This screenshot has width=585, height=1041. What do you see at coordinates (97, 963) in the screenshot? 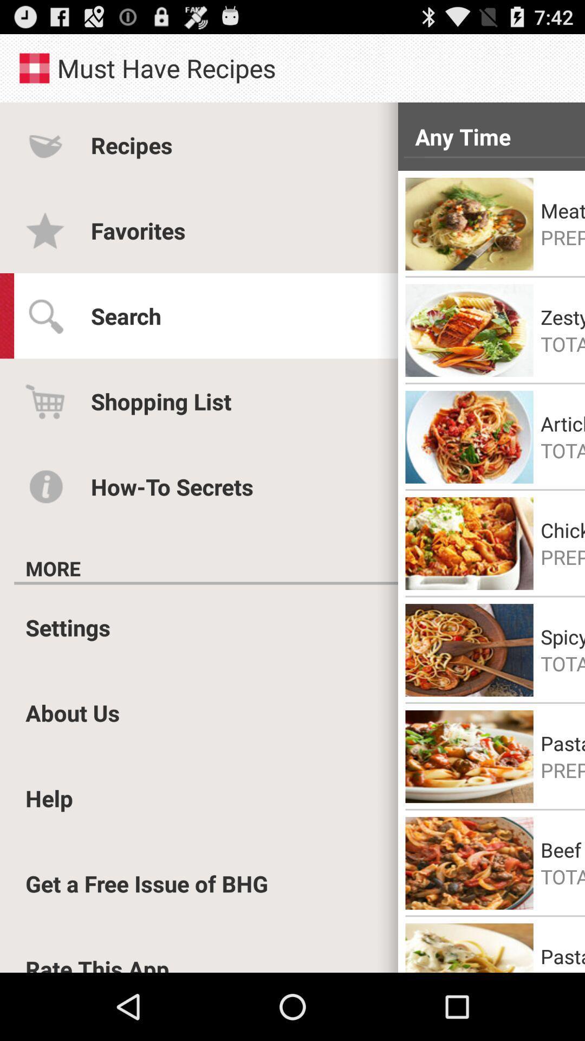
I see `rate this app` at bounding box center [97, 963].